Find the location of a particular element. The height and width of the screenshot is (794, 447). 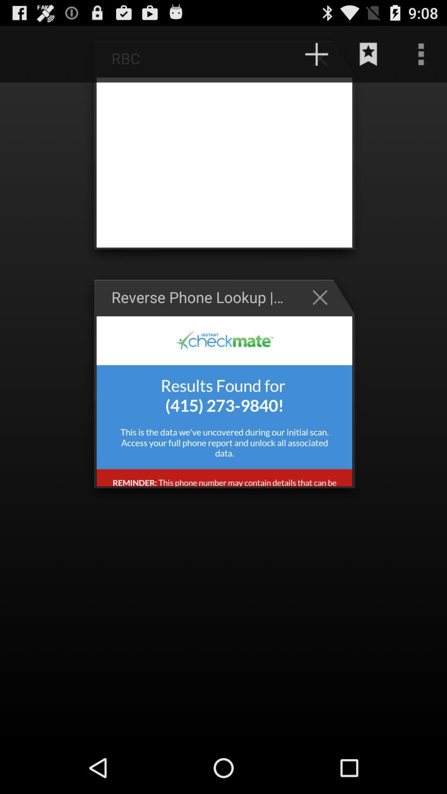

the bookmark icon is located at coordinates (368, 57).